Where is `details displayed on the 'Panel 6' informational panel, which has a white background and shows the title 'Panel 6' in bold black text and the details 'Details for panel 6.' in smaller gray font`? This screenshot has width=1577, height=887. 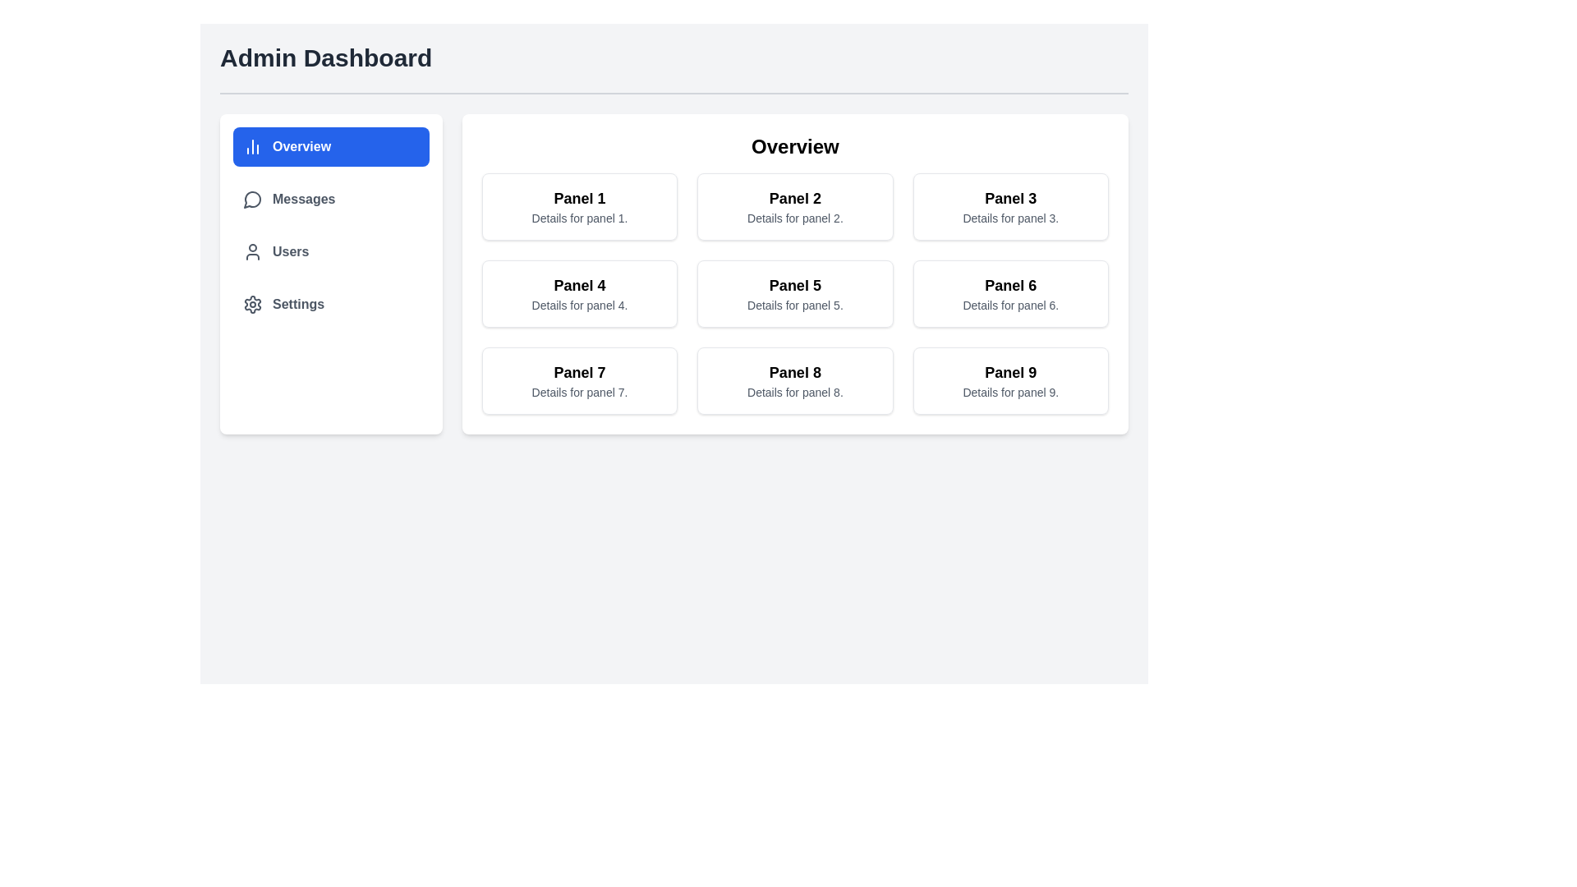
details displayed on the 'Panel 6' informational panel, which has a white background and shows the title 'Panel 6' in bold black text and the details 'Details for panel 6.' in smaller gray font is located at coordinates (1009, 293).